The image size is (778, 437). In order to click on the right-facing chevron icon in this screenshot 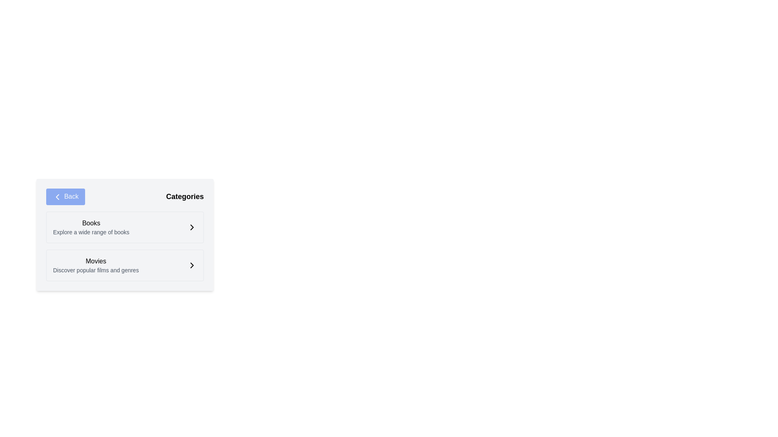, I will do `click(192, 265)`.